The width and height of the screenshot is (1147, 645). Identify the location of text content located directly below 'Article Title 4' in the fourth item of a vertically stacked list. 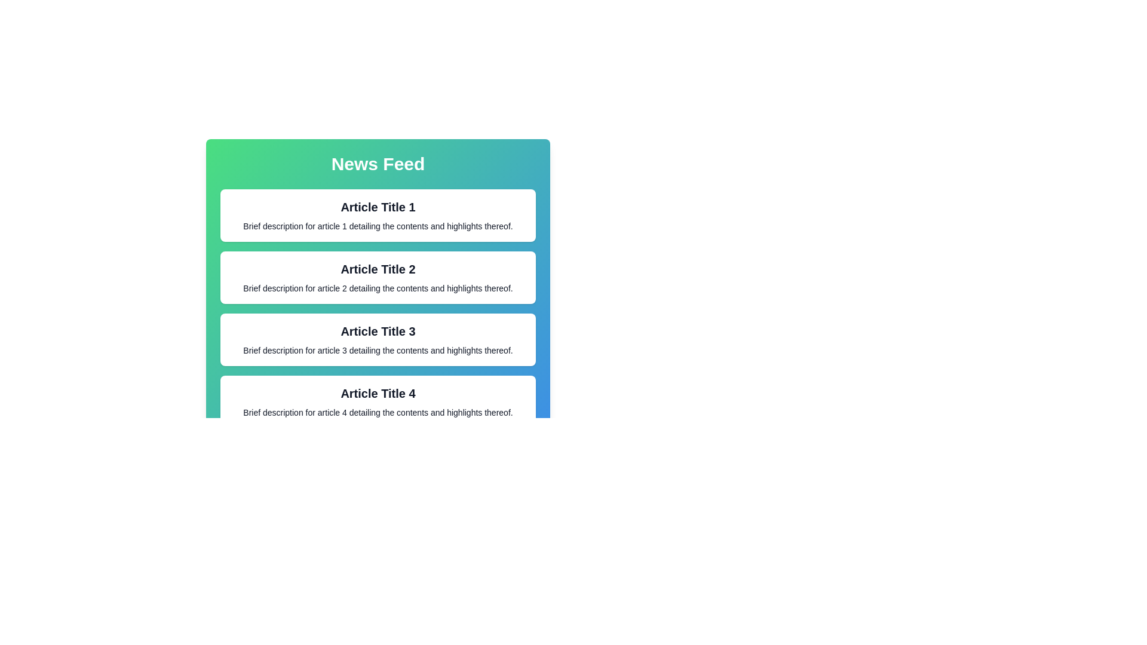
(378, 411).